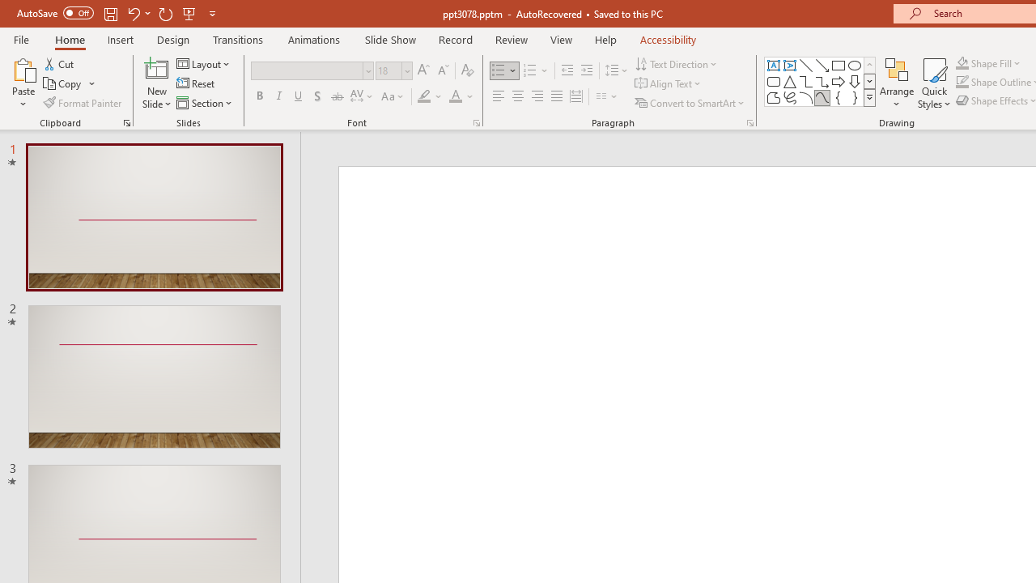 Image resolution: width=1036 pixels, height=583 pixels. What do you see at coordinates (518, 96) in the screenshot?
I see `'Center'` at bounding box center [518, 96].